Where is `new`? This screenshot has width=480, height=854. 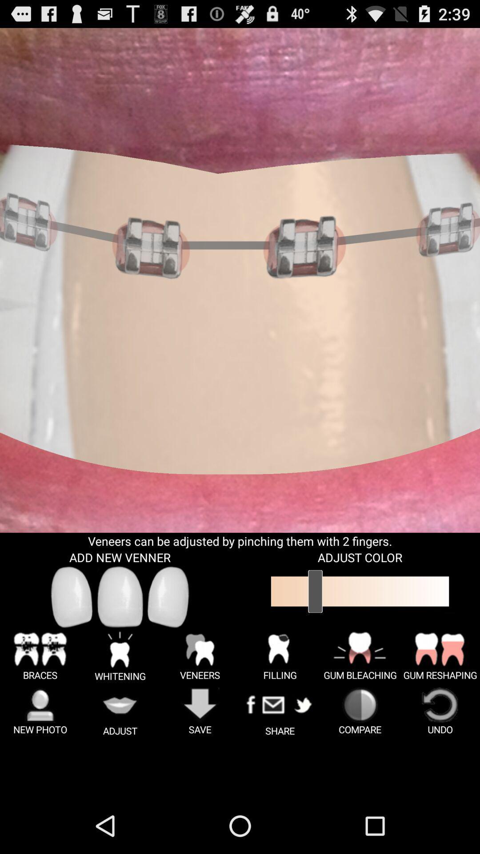 new is located at coordinates (168, 596).